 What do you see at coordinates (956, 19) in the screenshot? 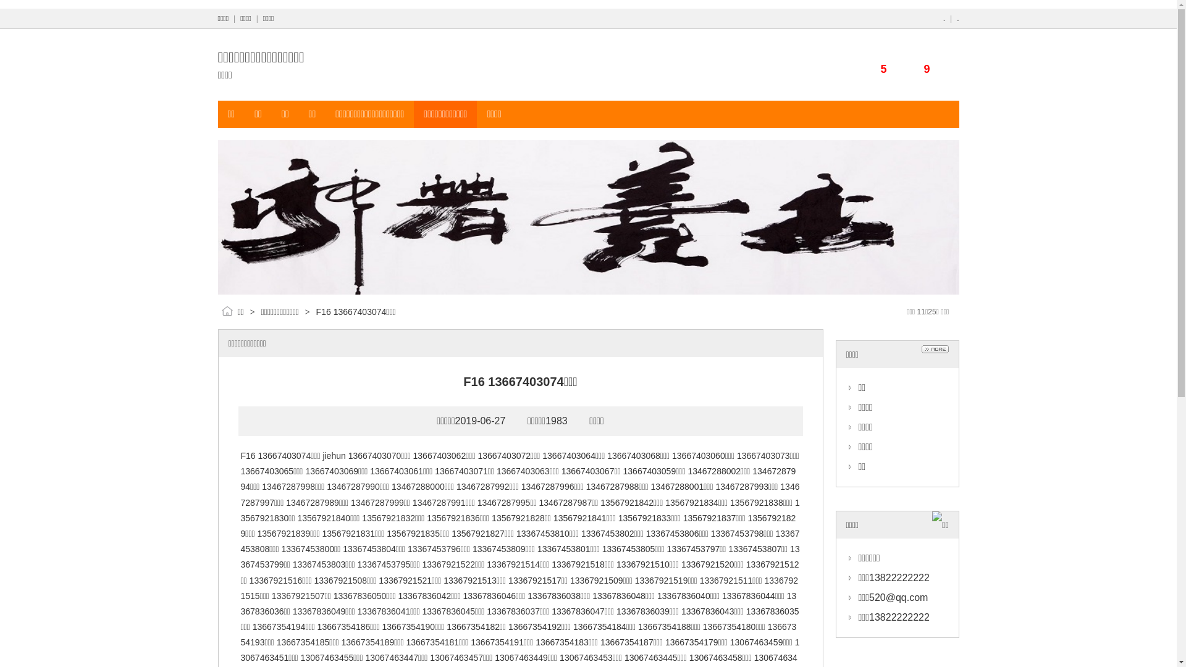
I see `'.'` at bounding box center [956, 19].